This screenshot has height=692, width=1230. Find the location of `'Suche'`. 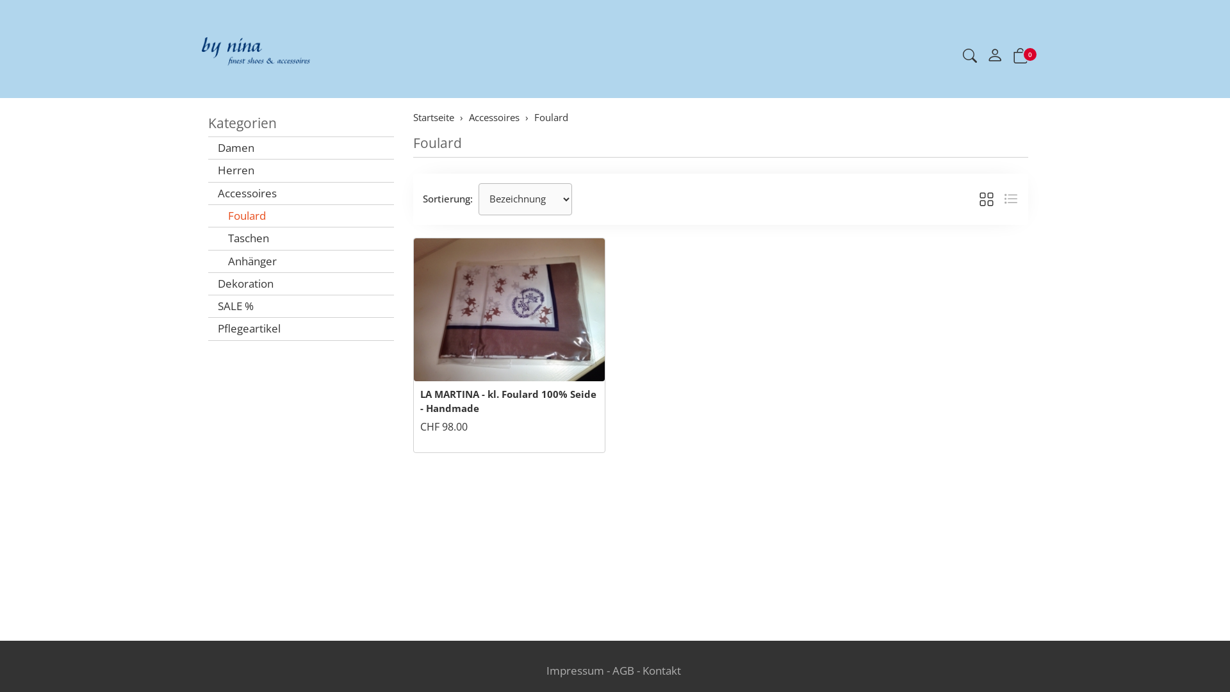

'Suche' is located at coordinates (969, 56).